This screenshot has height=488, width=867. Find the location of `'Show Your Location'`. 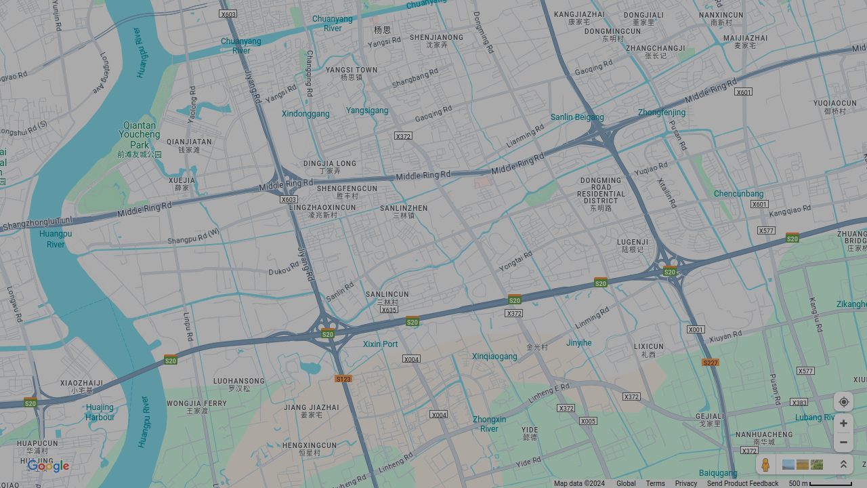

'Show Your Location' is located at coordinates (843, 401).